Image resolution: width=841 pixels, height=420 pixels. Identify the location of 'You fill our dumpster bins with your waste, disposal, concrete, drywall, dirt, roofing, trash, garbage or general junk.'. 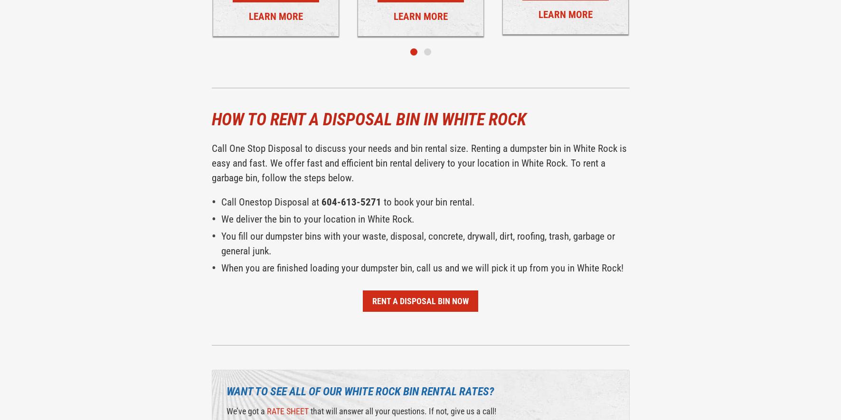
(221, 243).